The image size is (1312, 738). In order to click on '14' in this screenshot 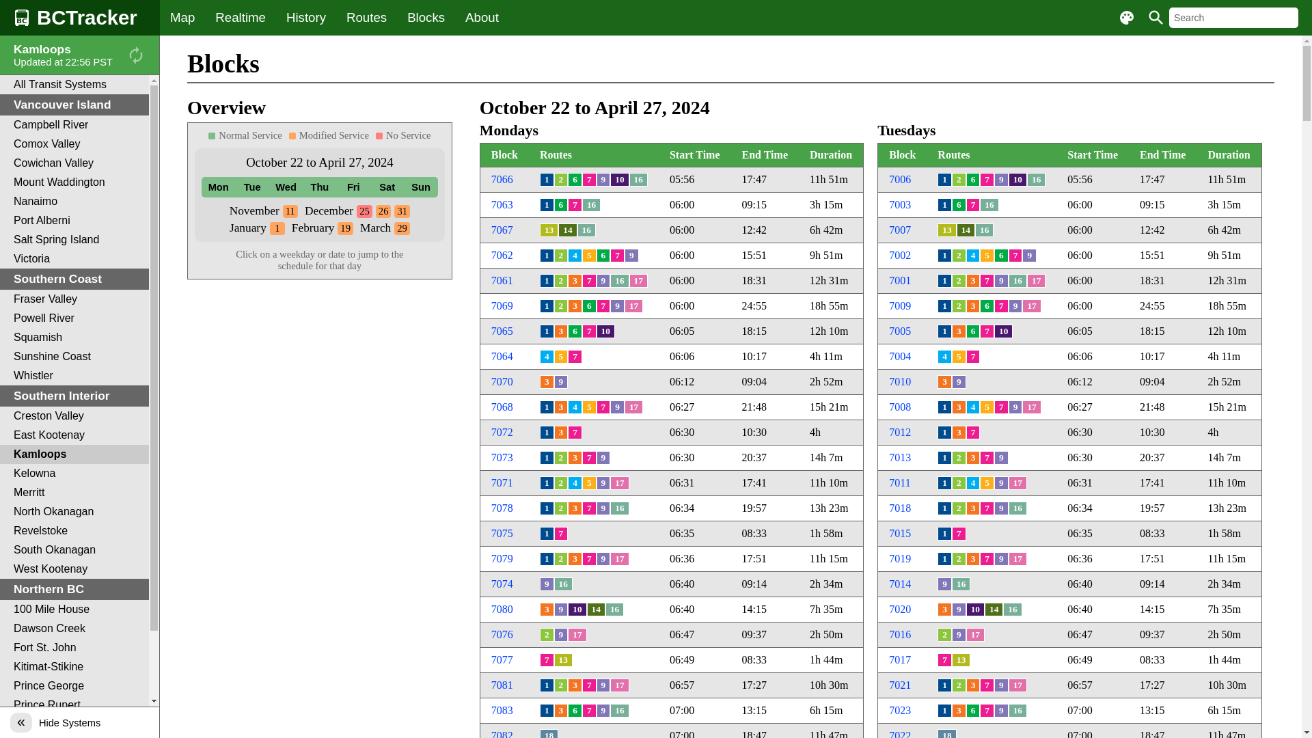, I will do `click(965, 229)`.